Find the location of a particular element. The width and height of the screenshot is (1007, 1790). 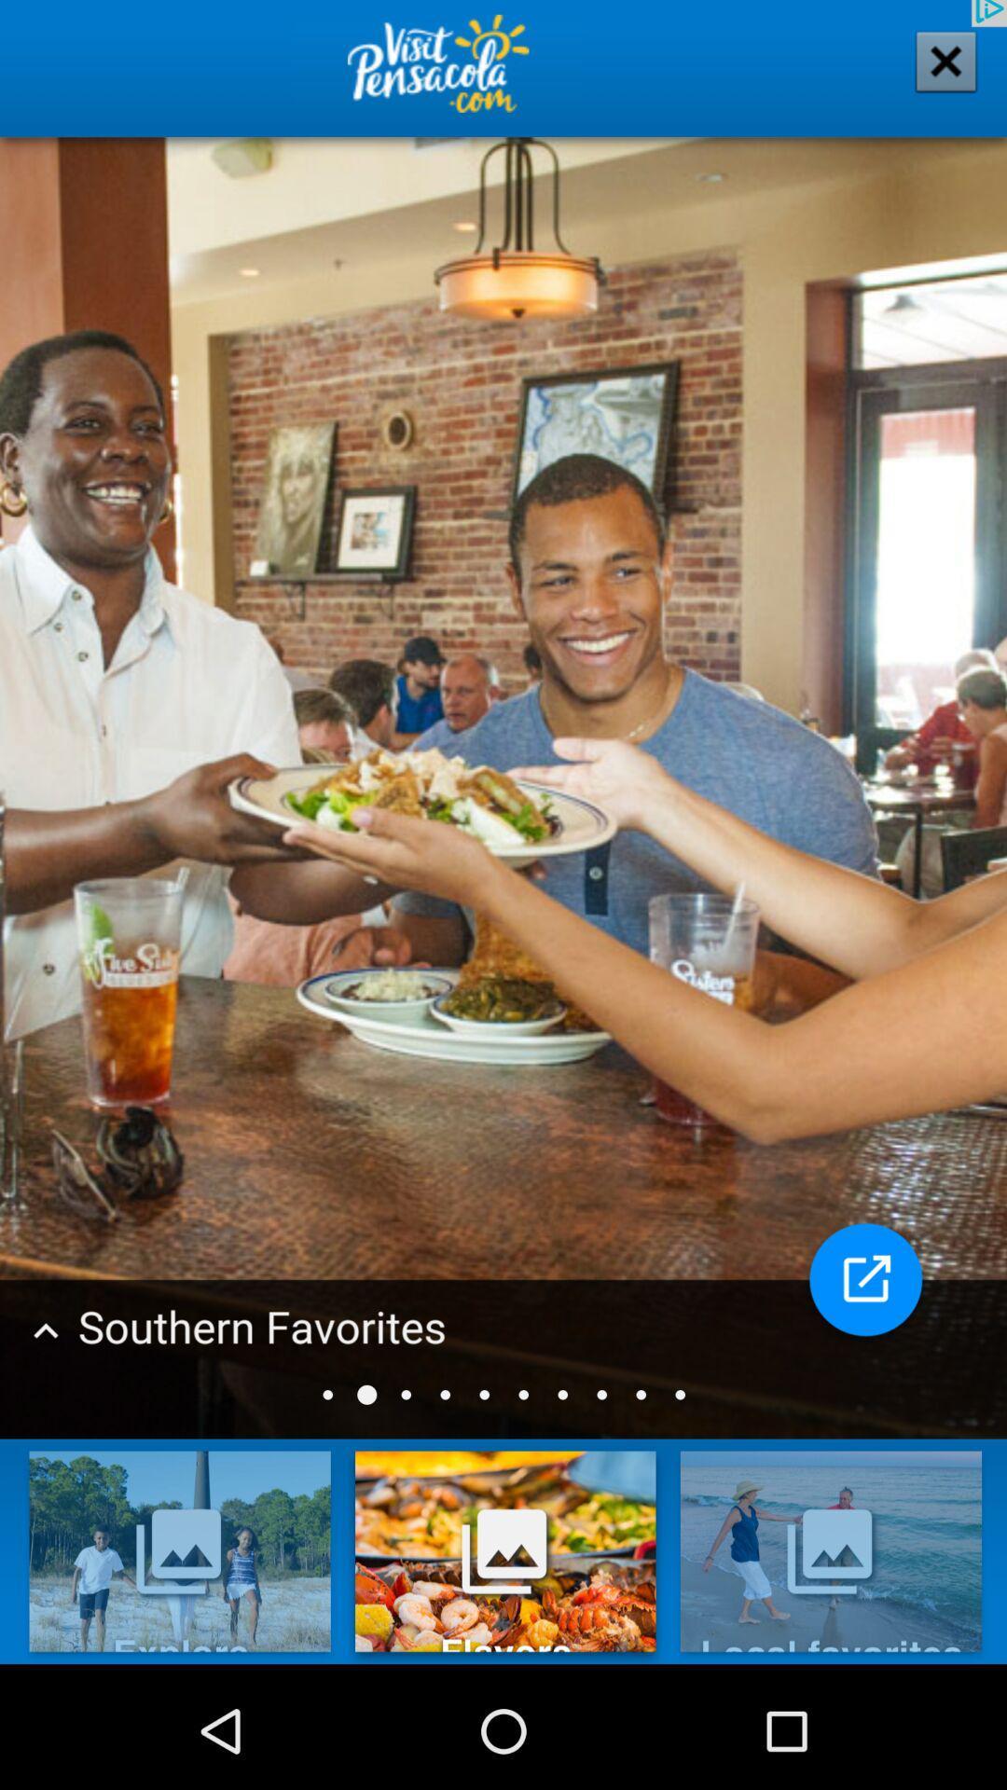

the close icon is located at coordinates (933, 77).